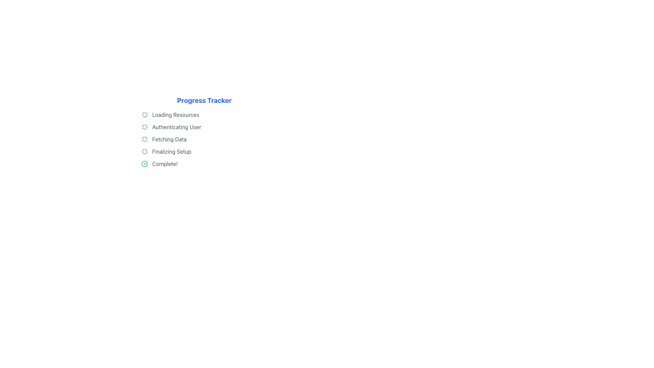  Describe the element at coordinates (144, 164) in the screenshot. I see `the circular green-bordered icon with a checkmark, which indicates a 'success' status and is located next to the 'Complete!' label in the progress tracker` at that location.